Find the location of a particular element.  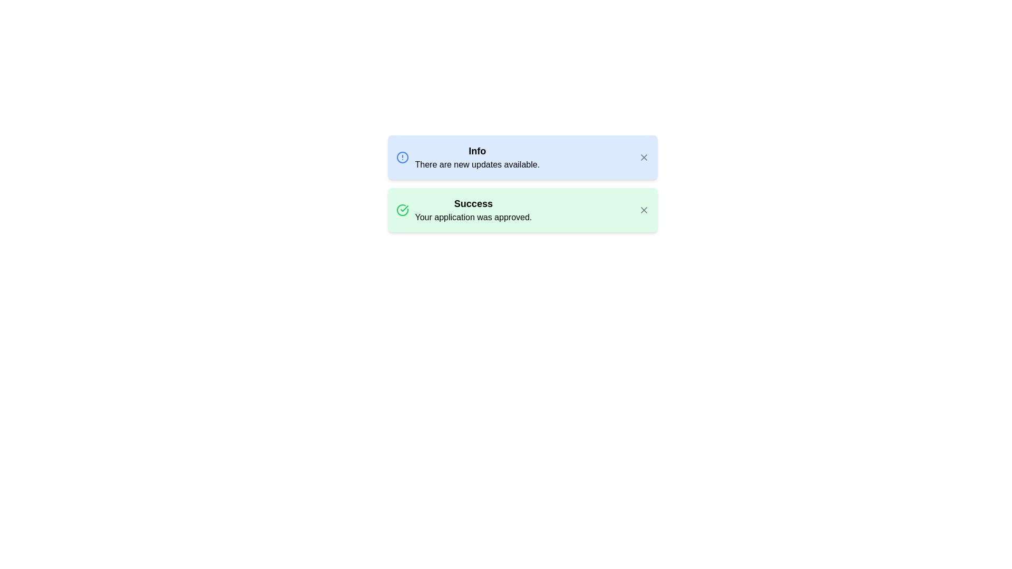

notification text 'There are new updates available.' displayed in the blue notification box below the 'Info' title is located at coordinates (476, 164).